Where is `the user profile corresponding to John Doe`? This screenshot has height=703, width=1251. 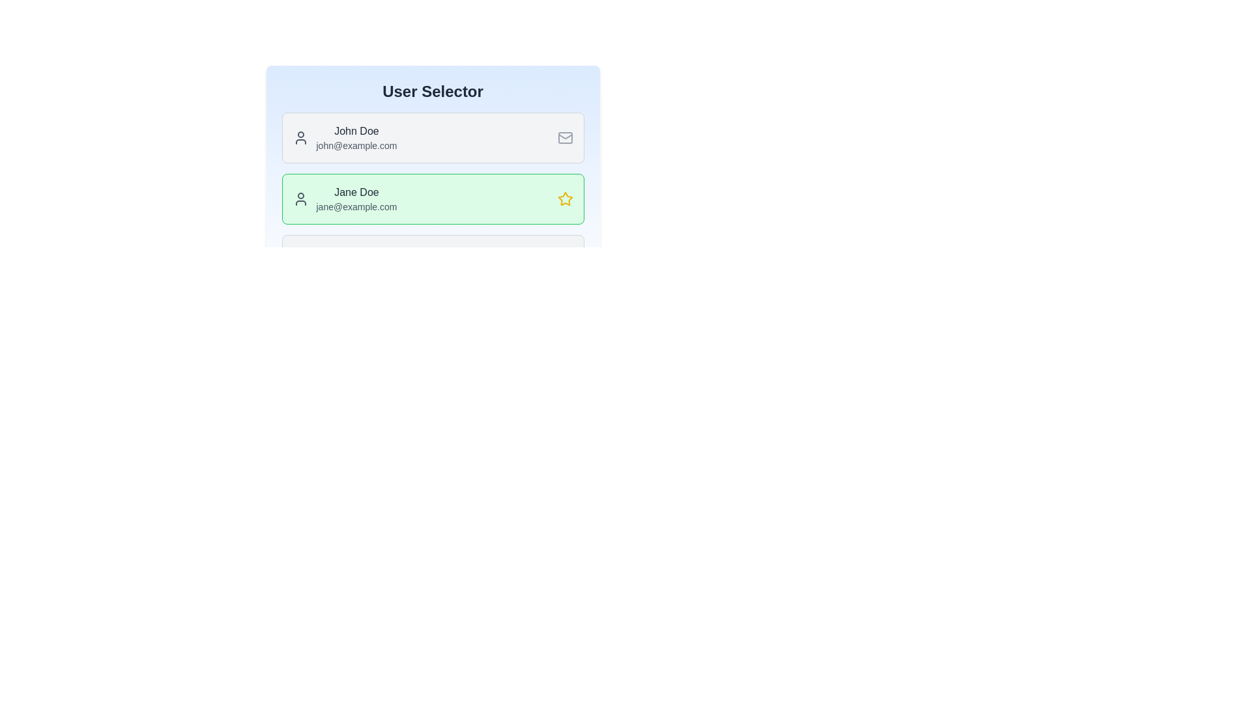
the user profile corresponding to John Doe is located at coordinates (433, 138).